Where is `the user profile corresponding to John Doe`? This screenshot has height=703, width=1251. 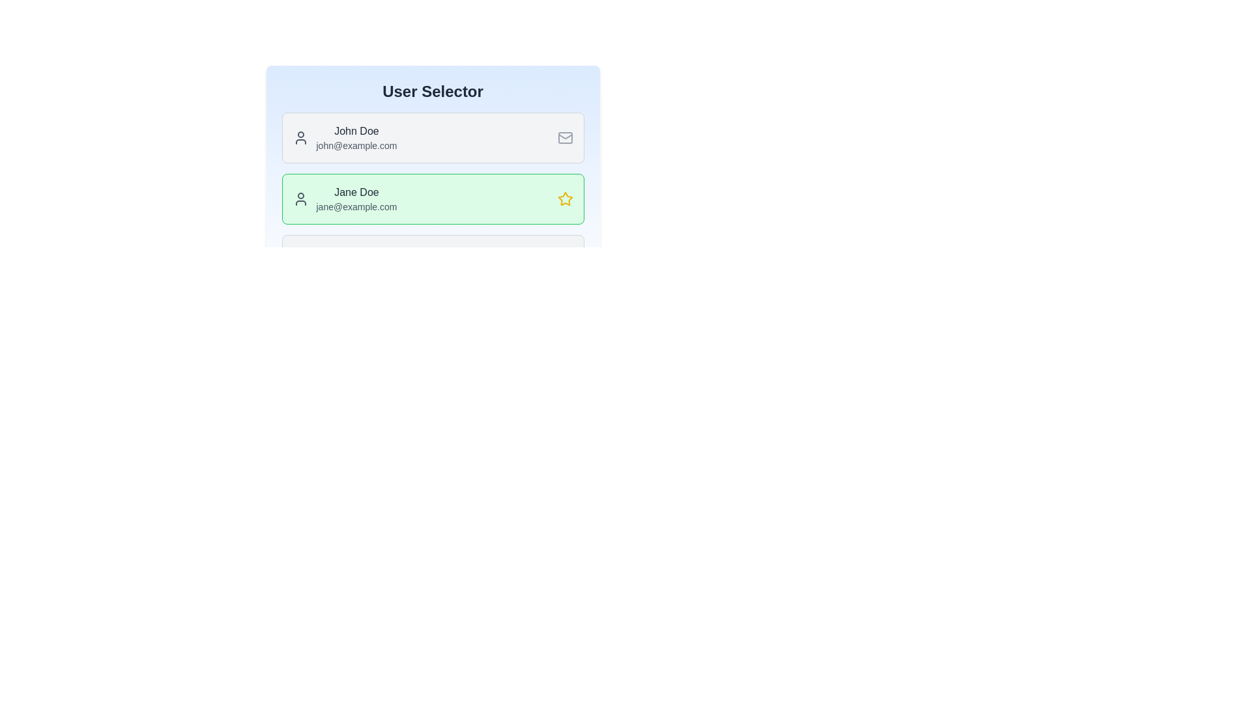
the user profile corresponding to John Doe is located at coordinates (433, 138).